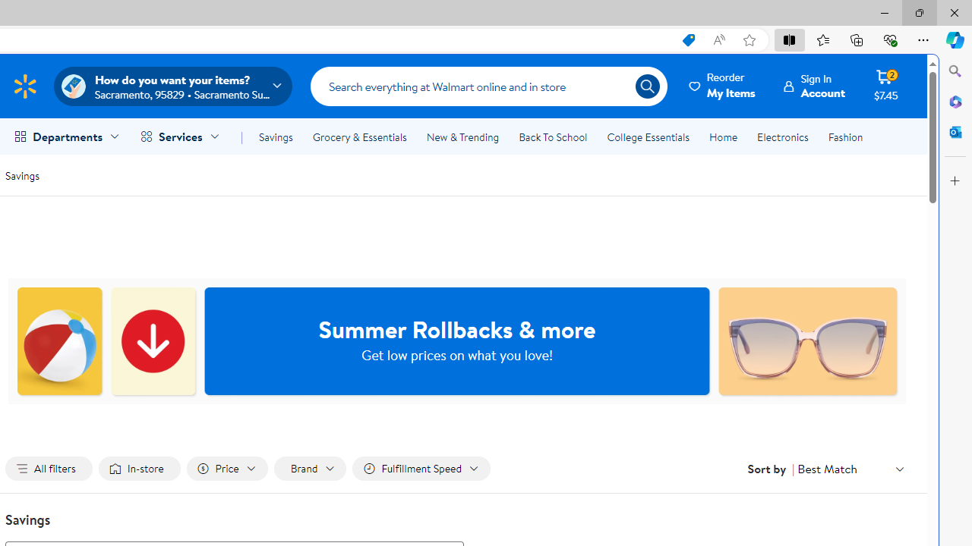 This screenshot has width=972, height=546. I want to click on 'Close Search pane', so click(955, 71).